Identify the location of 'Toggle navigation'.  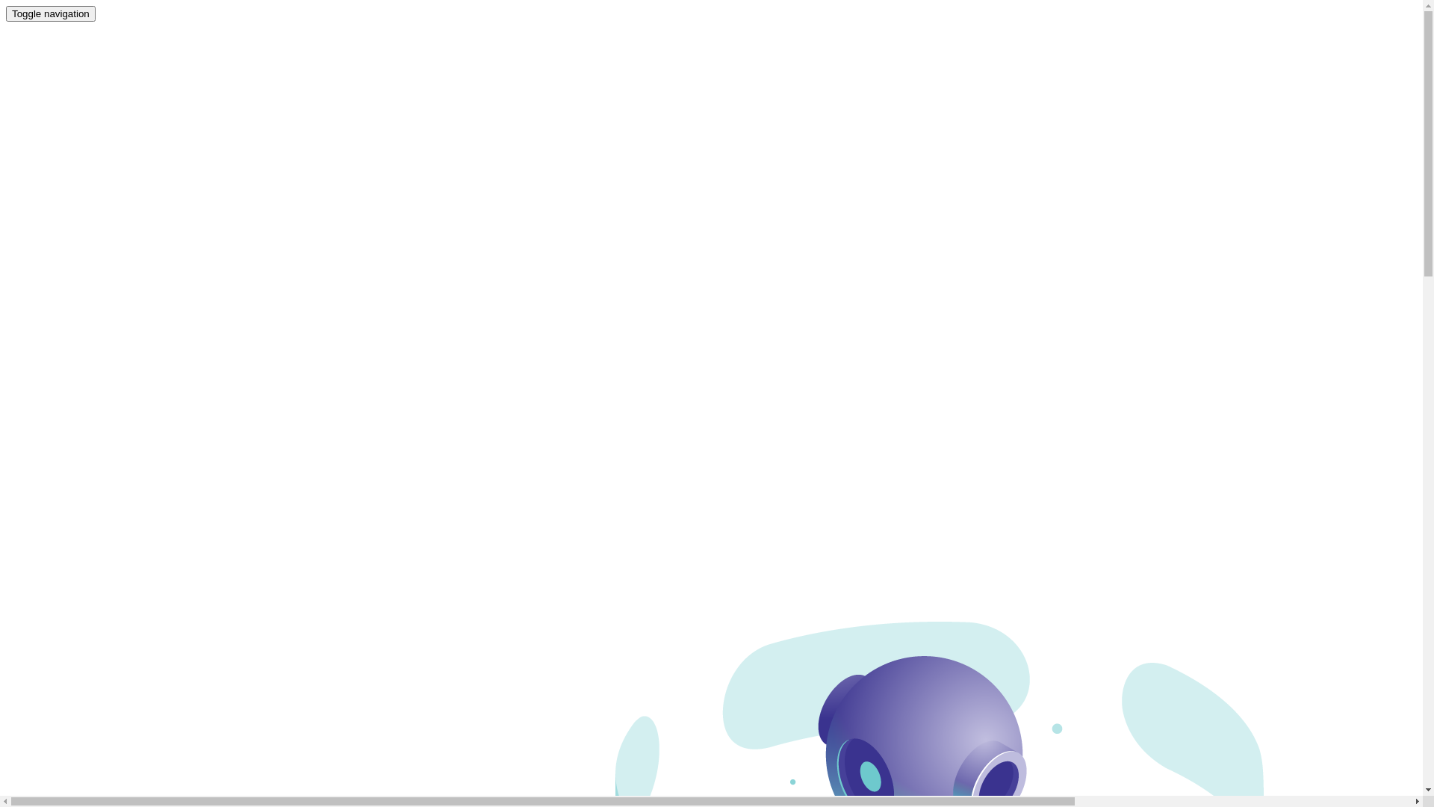
(50, 13).